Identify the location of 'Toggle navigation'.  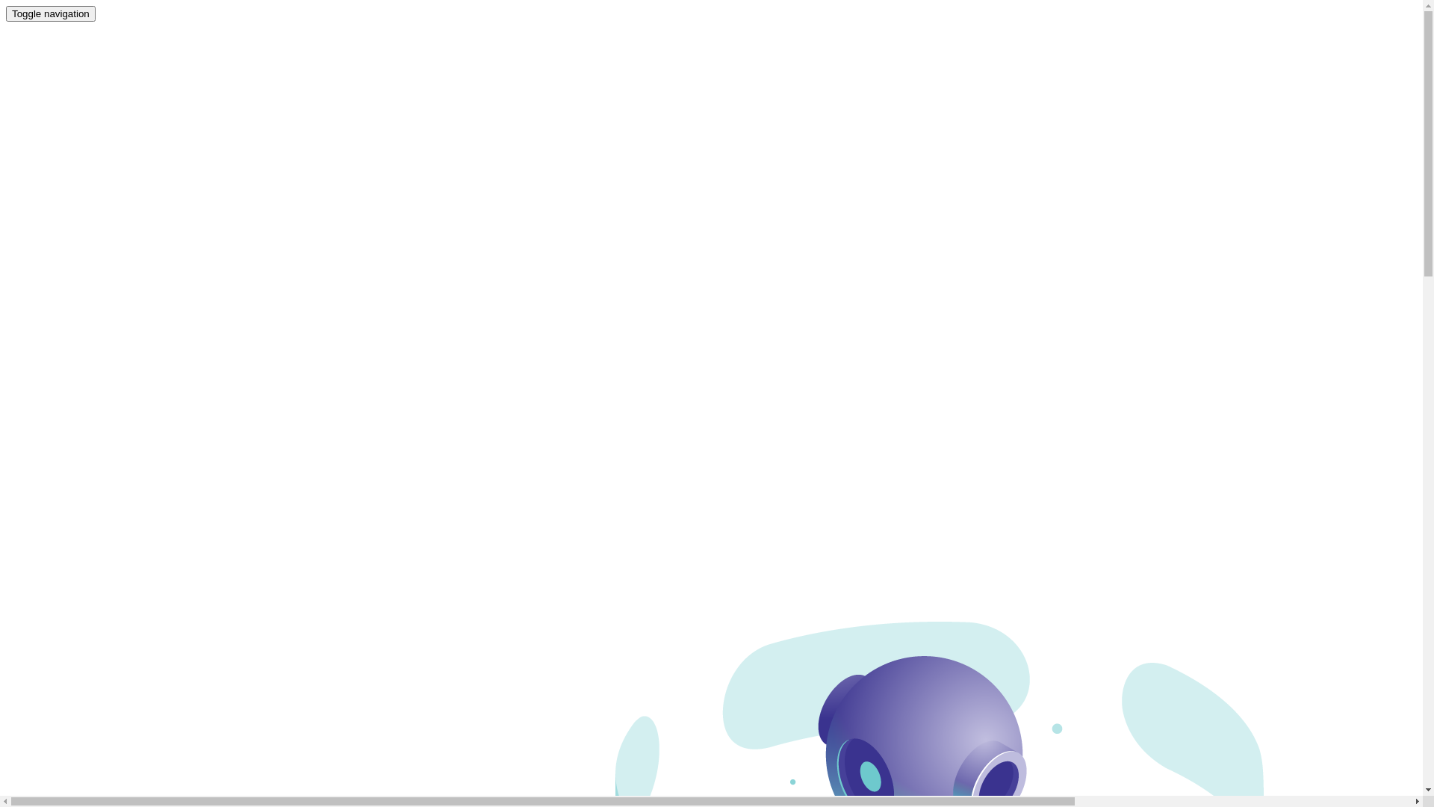
(50, 13).